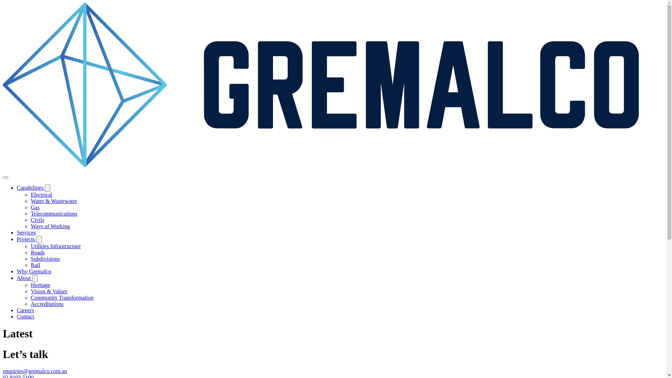  Describe the element at coordinates (35, 207) in the screenshot. I see `'Gas'` at that location.